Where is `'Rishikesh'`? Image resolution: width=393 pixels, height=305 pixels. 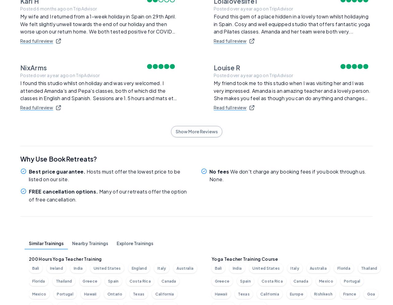 'Rishikesh' is located at coordinates (323, 293).